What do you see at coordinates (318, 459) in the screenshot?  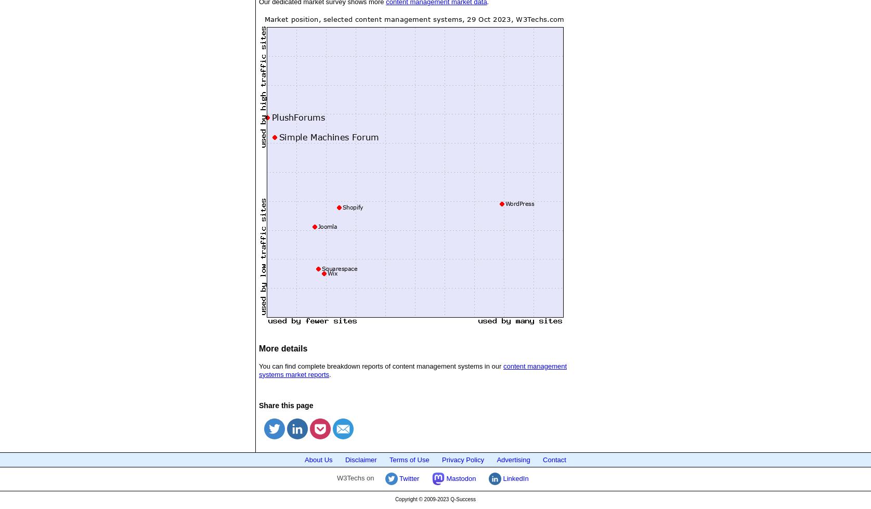 I see `'About Us'` at bounding box center [318, 459].